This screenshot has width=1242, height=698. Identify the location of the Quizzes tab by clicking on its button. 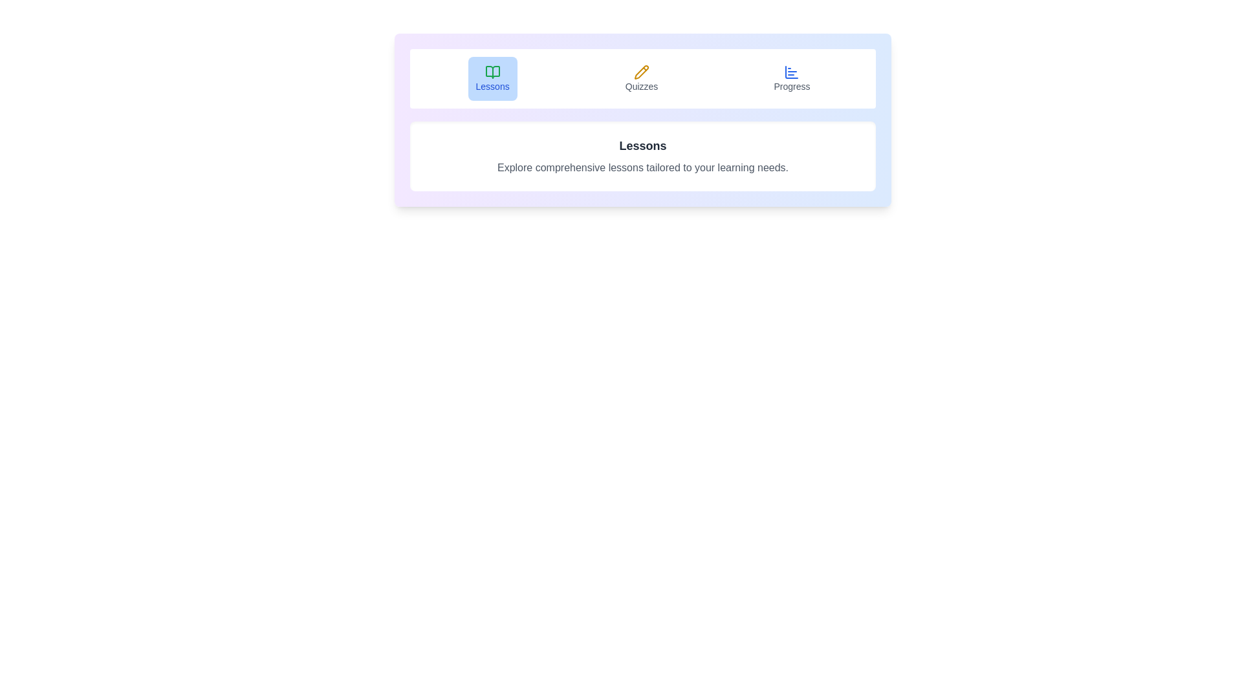
(642, 79).